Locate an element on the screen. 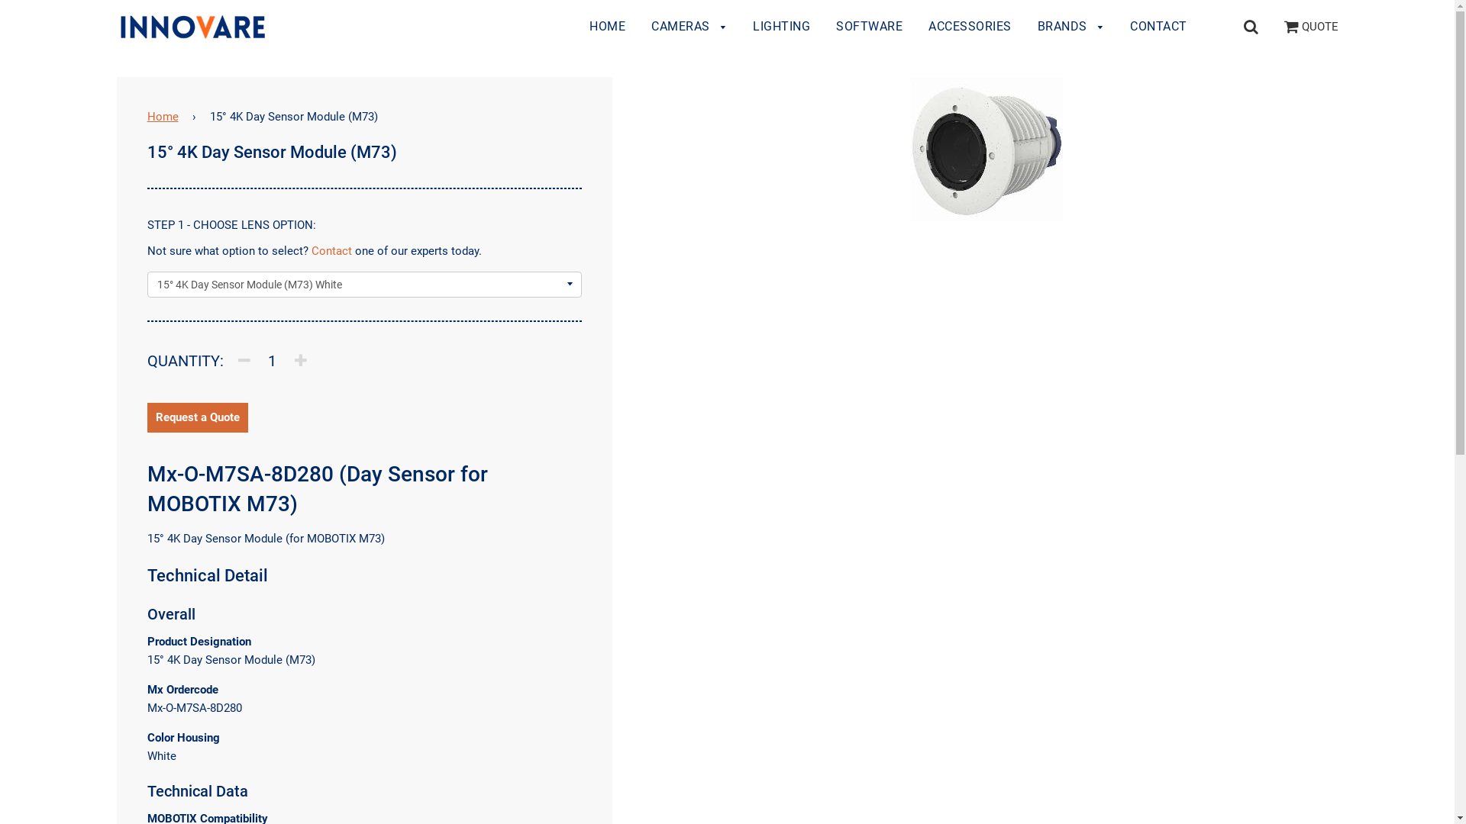  'Request a Quote' is located at coordinates (197, 417).